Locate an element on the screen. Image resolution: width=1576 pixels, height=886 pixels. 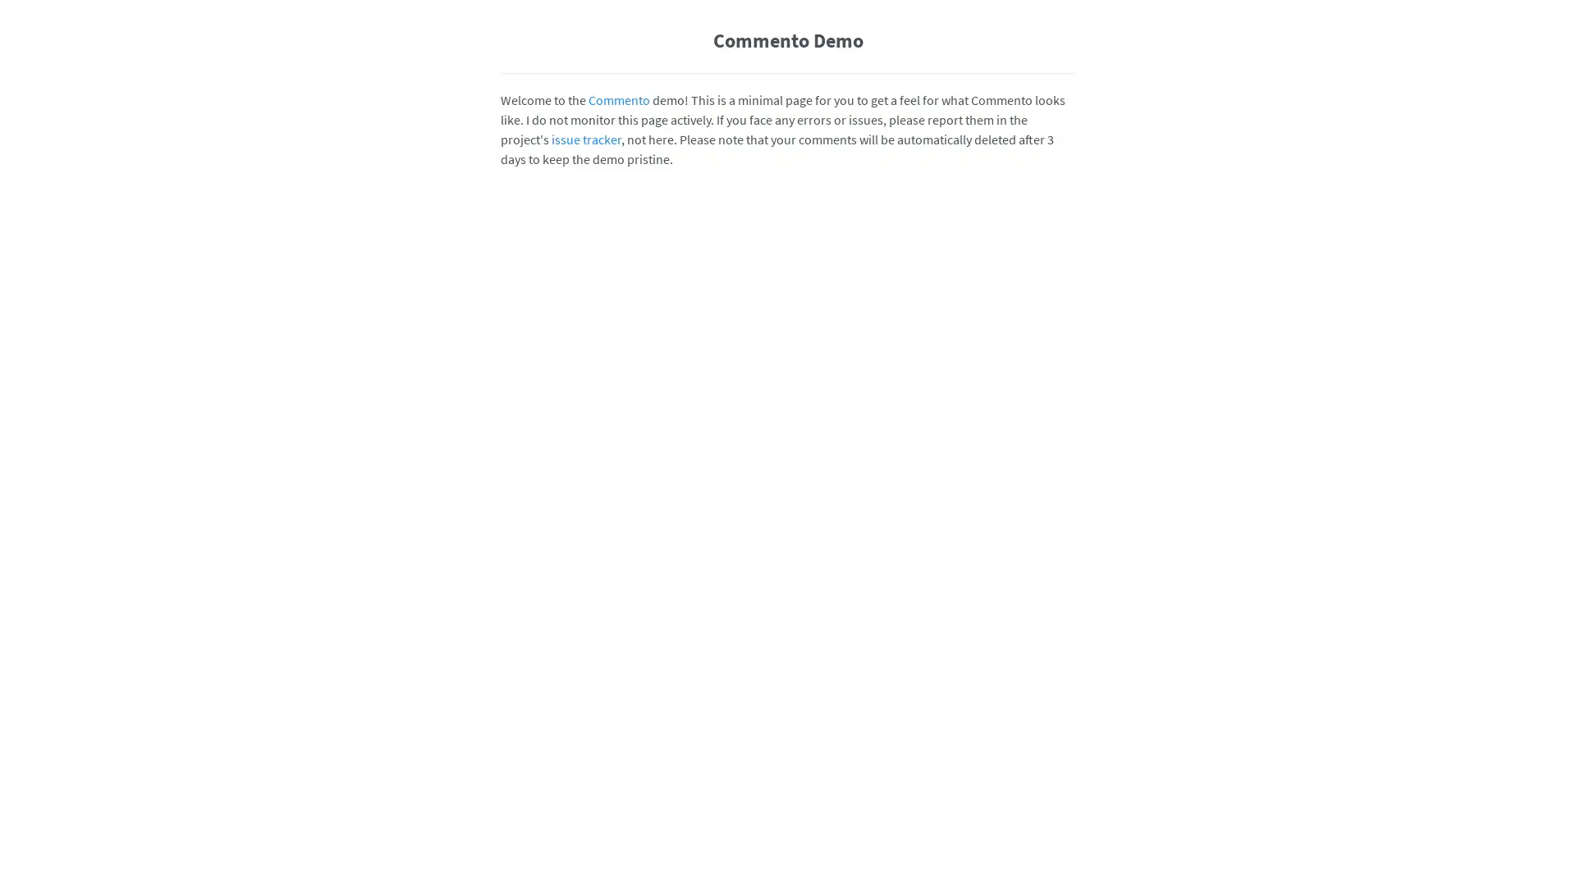
ADD COMMENT is located at coordinates (1030, 367).